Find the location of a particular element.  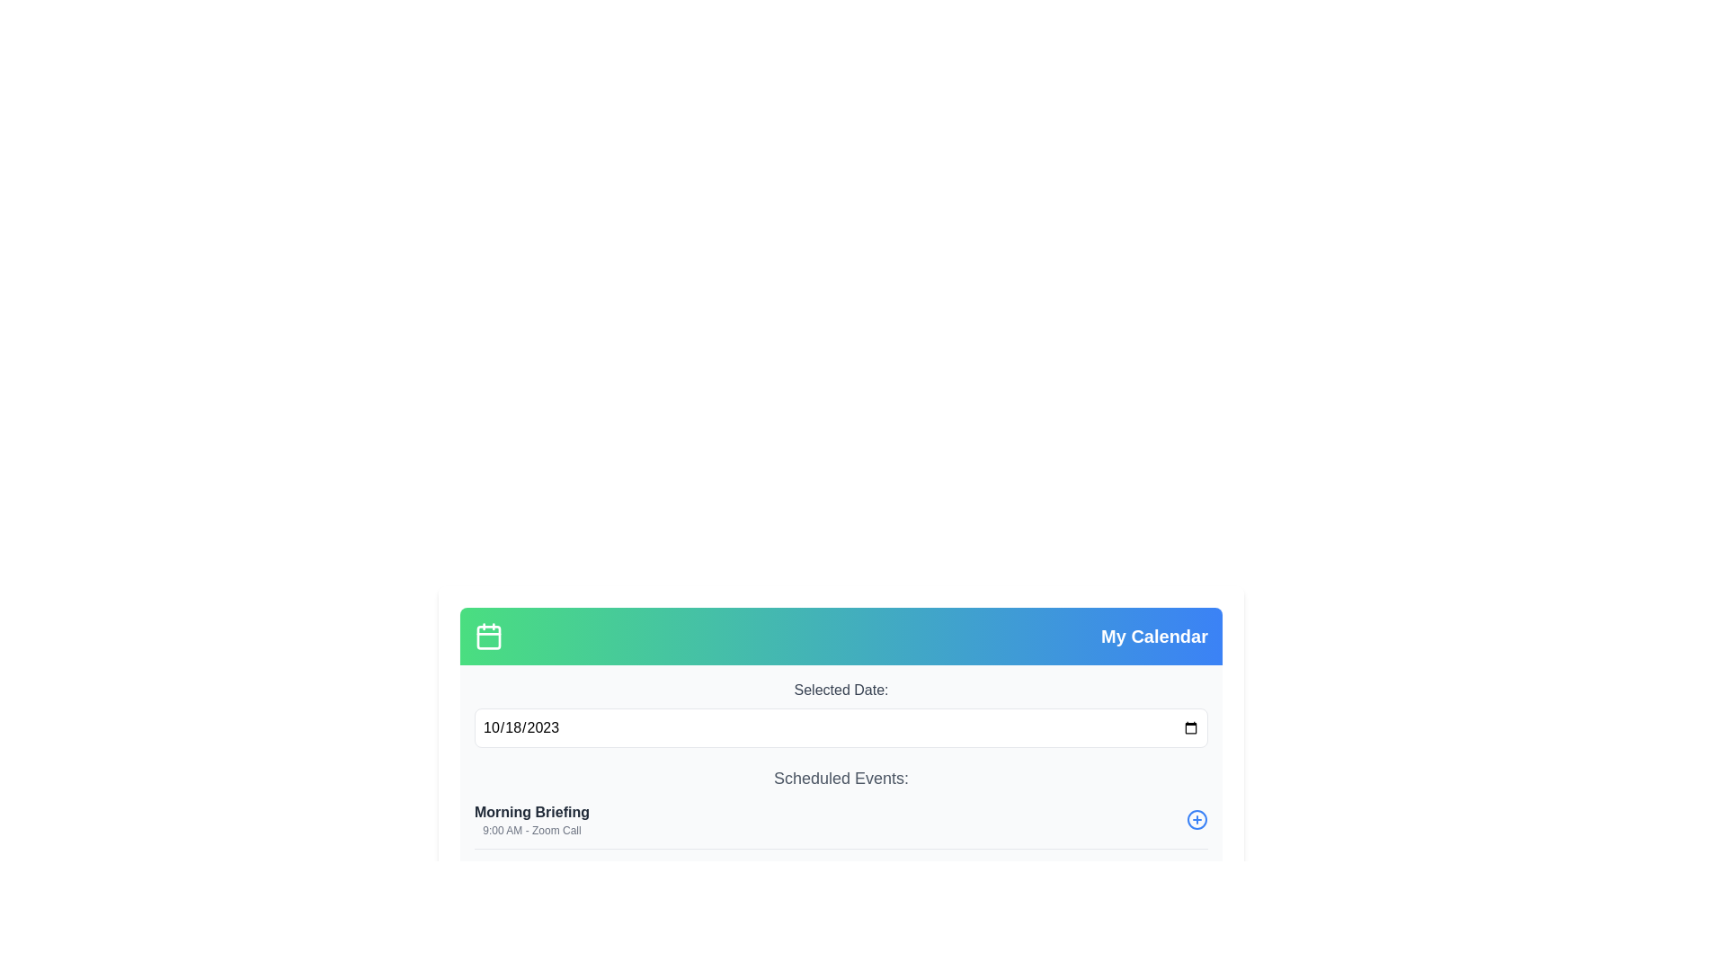

the text label for the scheduled event located under the 'Scheduled Events' label, positioned above '9:00 AM - Zoom Call' is located at coordinates (530, 812).